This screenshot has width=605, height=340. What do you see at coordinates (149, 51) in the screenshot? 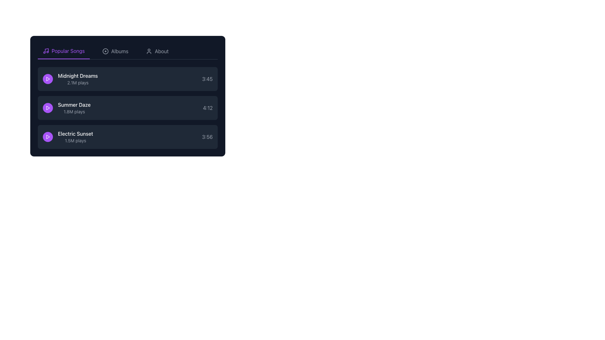
I see `the stylized user symbol icon located before the 'About' label in the top section of the interface to view more options` at bounding box center [149, 51].